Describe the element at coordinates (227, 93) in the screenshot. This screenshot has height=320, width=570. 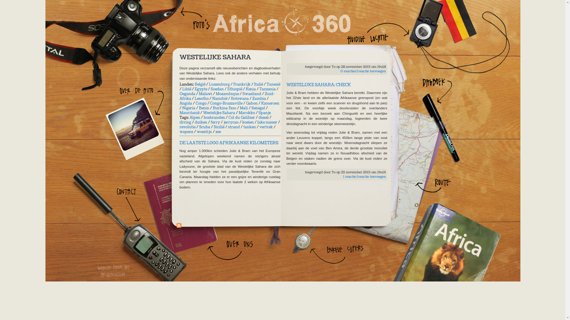
I see `'Mozambique'` at that location.